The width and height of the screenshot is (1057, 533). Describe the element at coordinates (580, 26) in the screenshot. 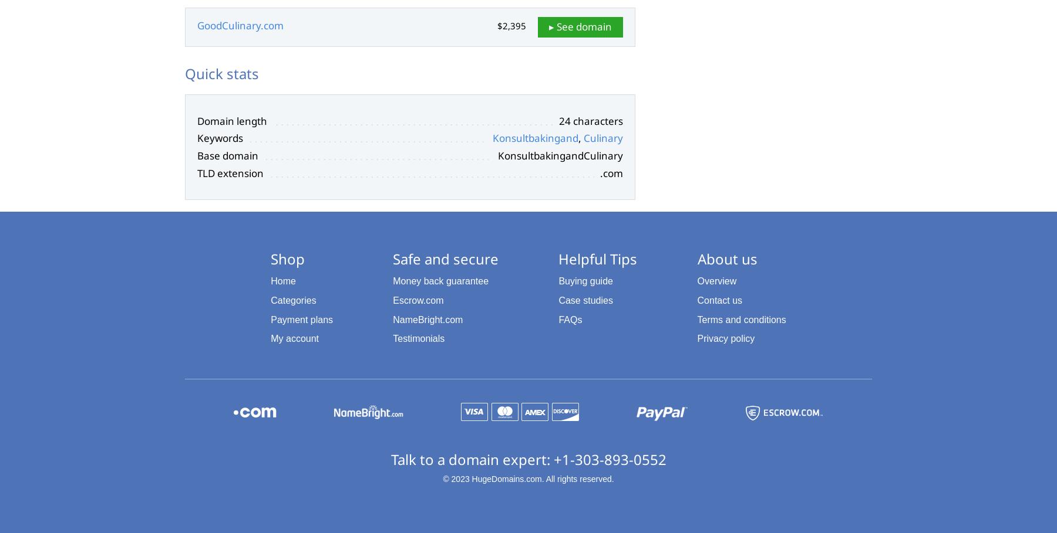

I see `'▸ See domain'` at that location.